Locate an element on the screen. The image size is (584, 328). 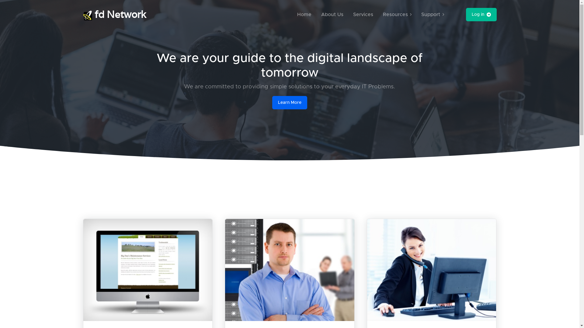
'Home' is located at coordinates (304, 14).